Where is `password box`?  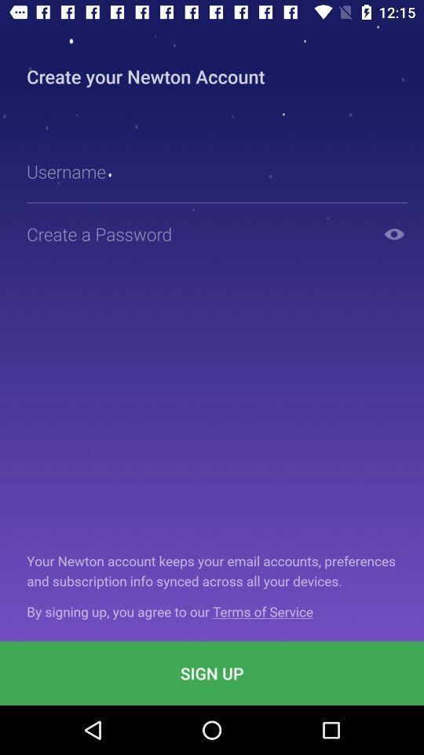 password box is located at coordinates (198, 233).